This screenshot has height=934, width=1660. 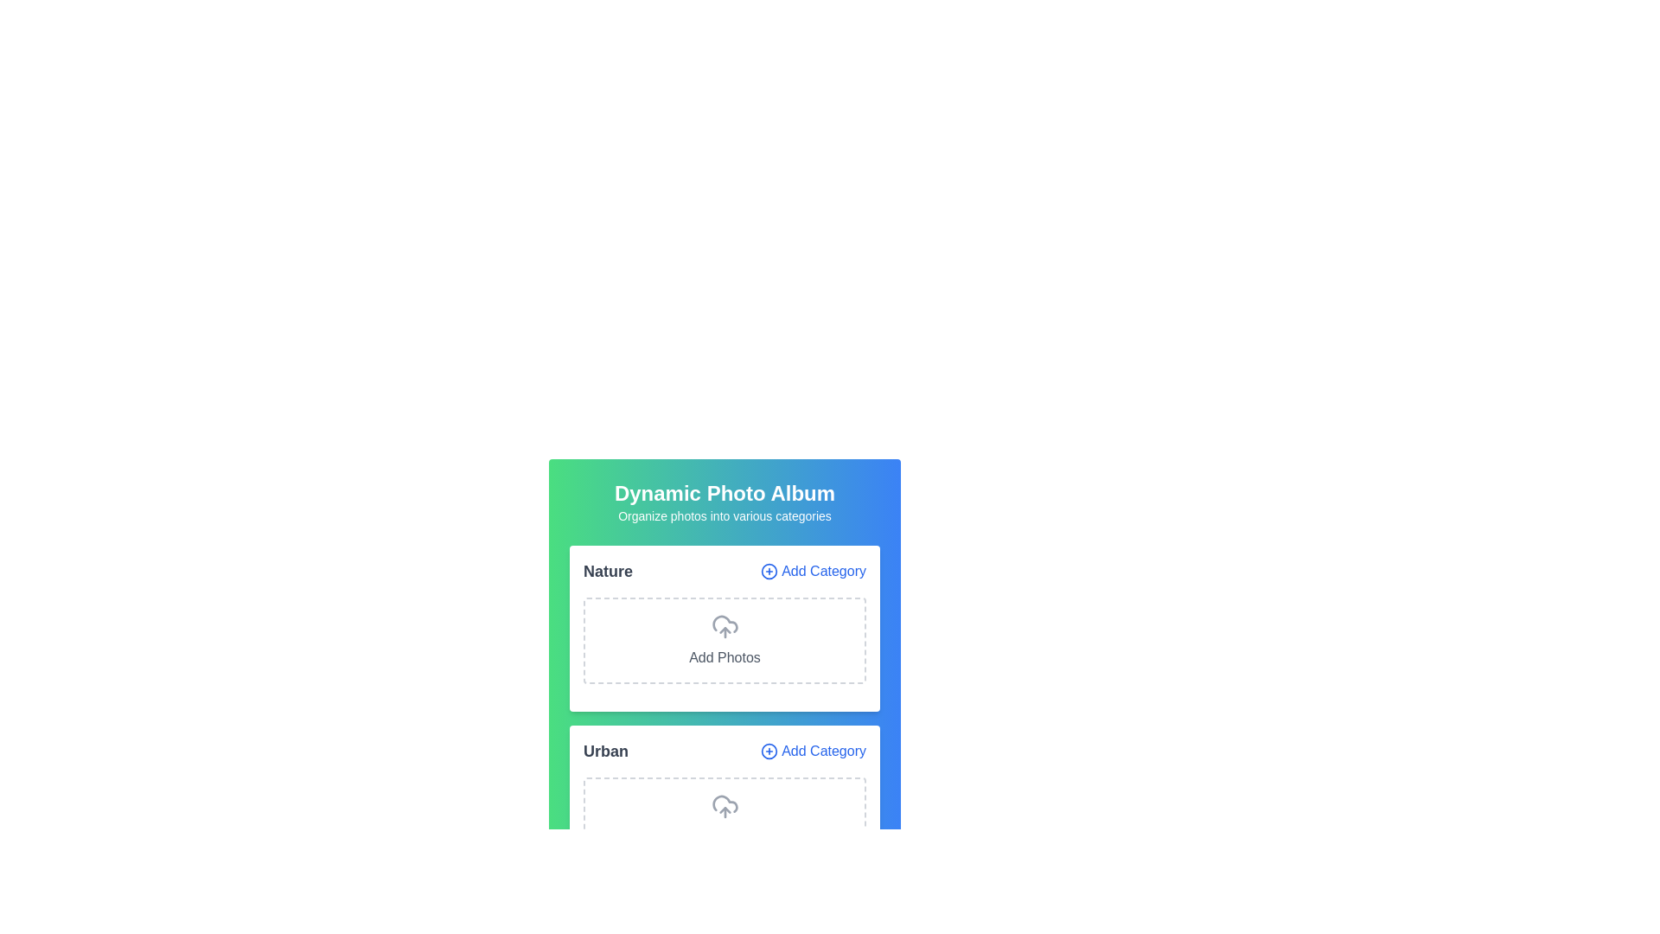 I want to click on the upload icon centered within the dashed-bordered box labeled 'Add Photos' in the 'Nature' section to initiate upload, so click(x=725, y=627).